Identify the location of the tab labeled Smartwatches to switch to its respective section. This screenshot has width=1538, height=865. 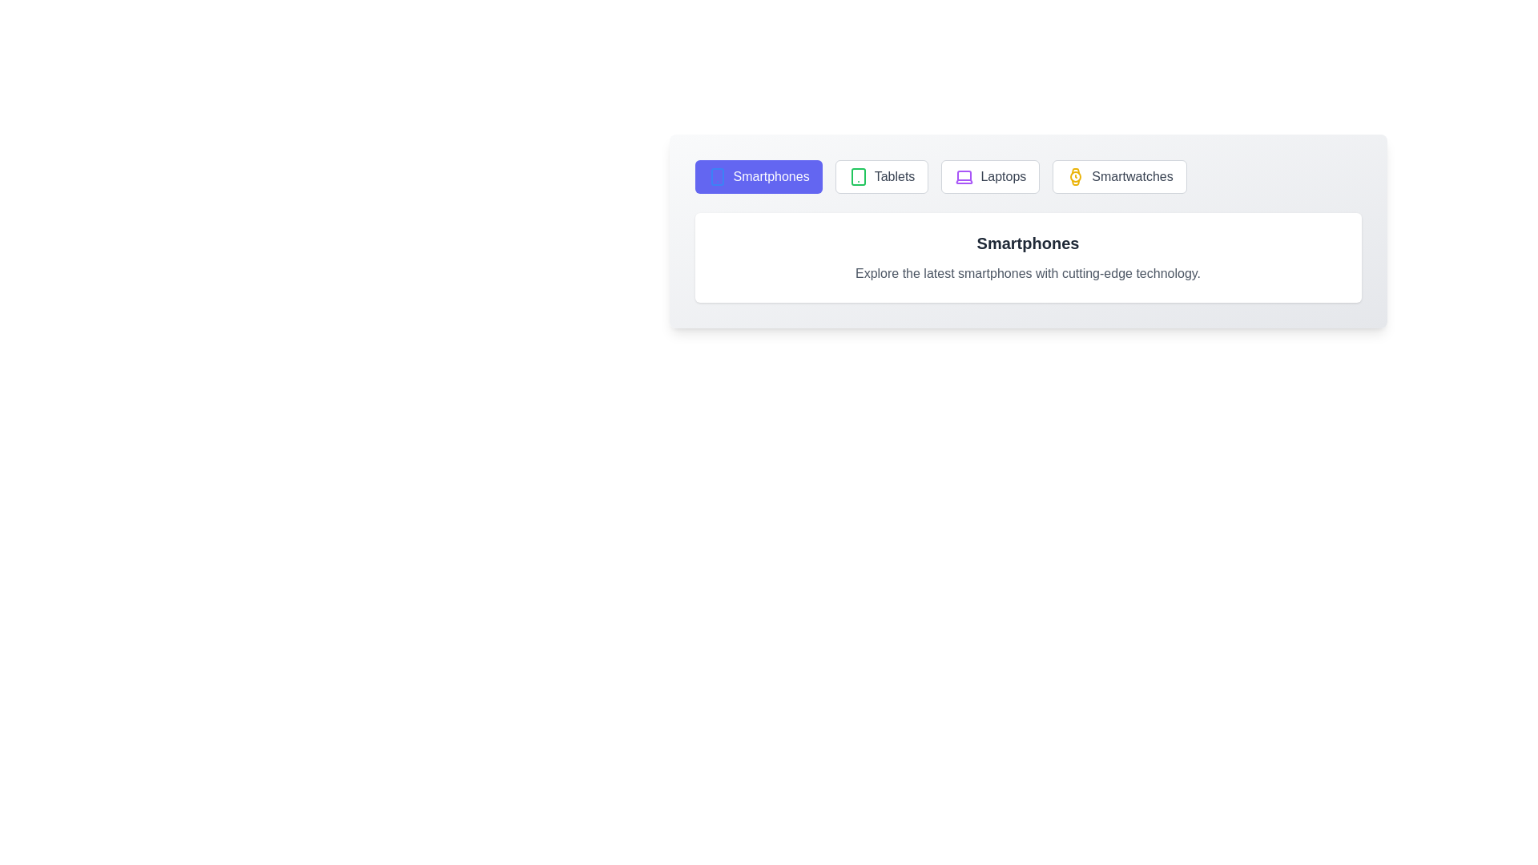
(1118, 176).